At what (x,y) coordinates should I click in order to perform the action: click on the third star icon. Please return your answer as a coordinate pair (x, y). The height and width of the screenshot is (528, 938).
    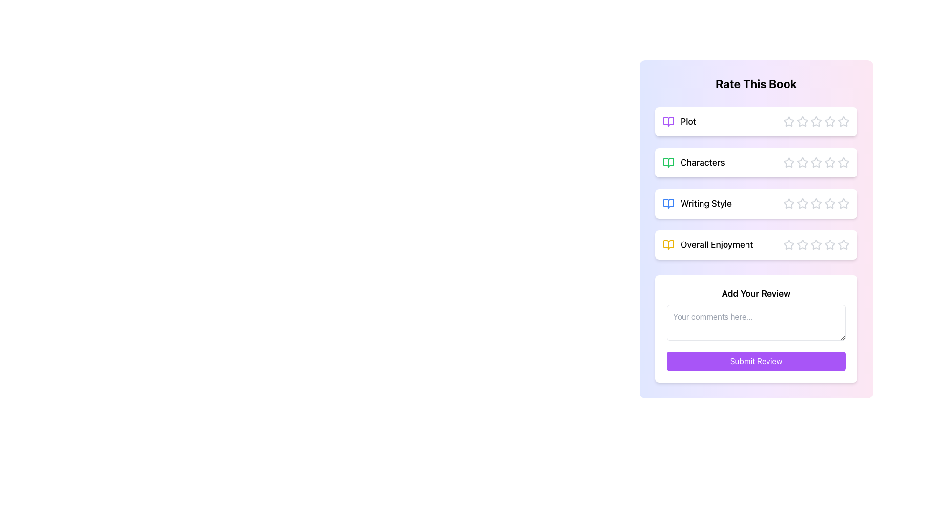
    Looking at the image, I should click on (843, 203).